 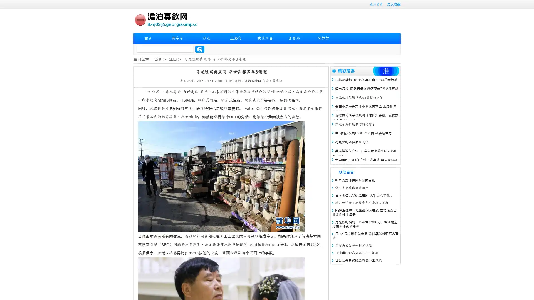 I want to click on Search, so click(x=200, y=49).